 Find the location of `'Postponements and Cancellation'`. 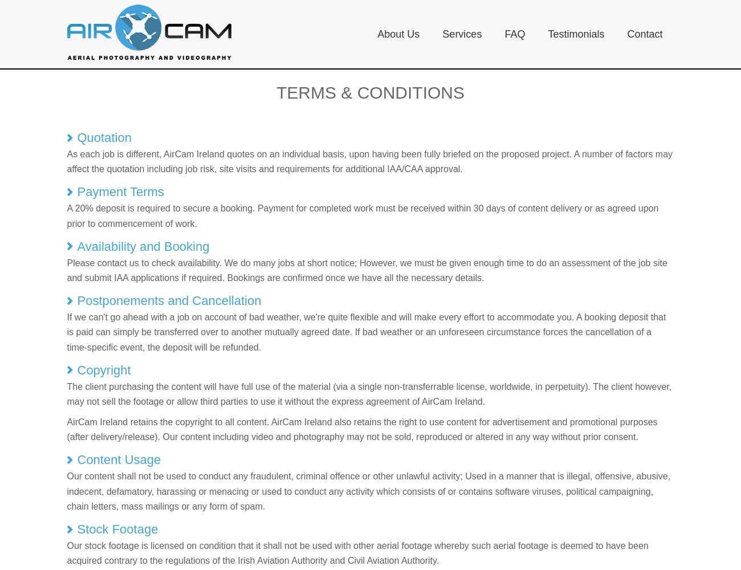

'Postponements and Cancellation' is located at coordinates (76, 300).